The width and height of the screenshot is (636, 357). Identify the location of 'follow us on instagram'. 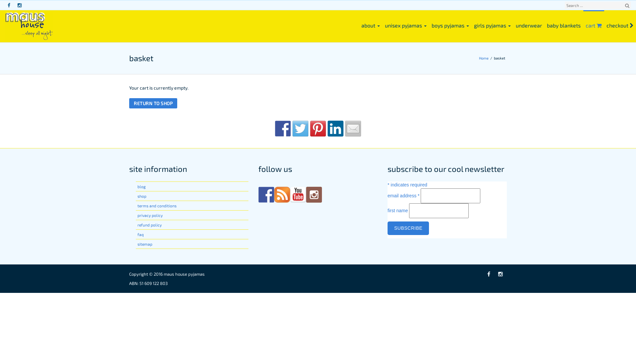
(314, 194).